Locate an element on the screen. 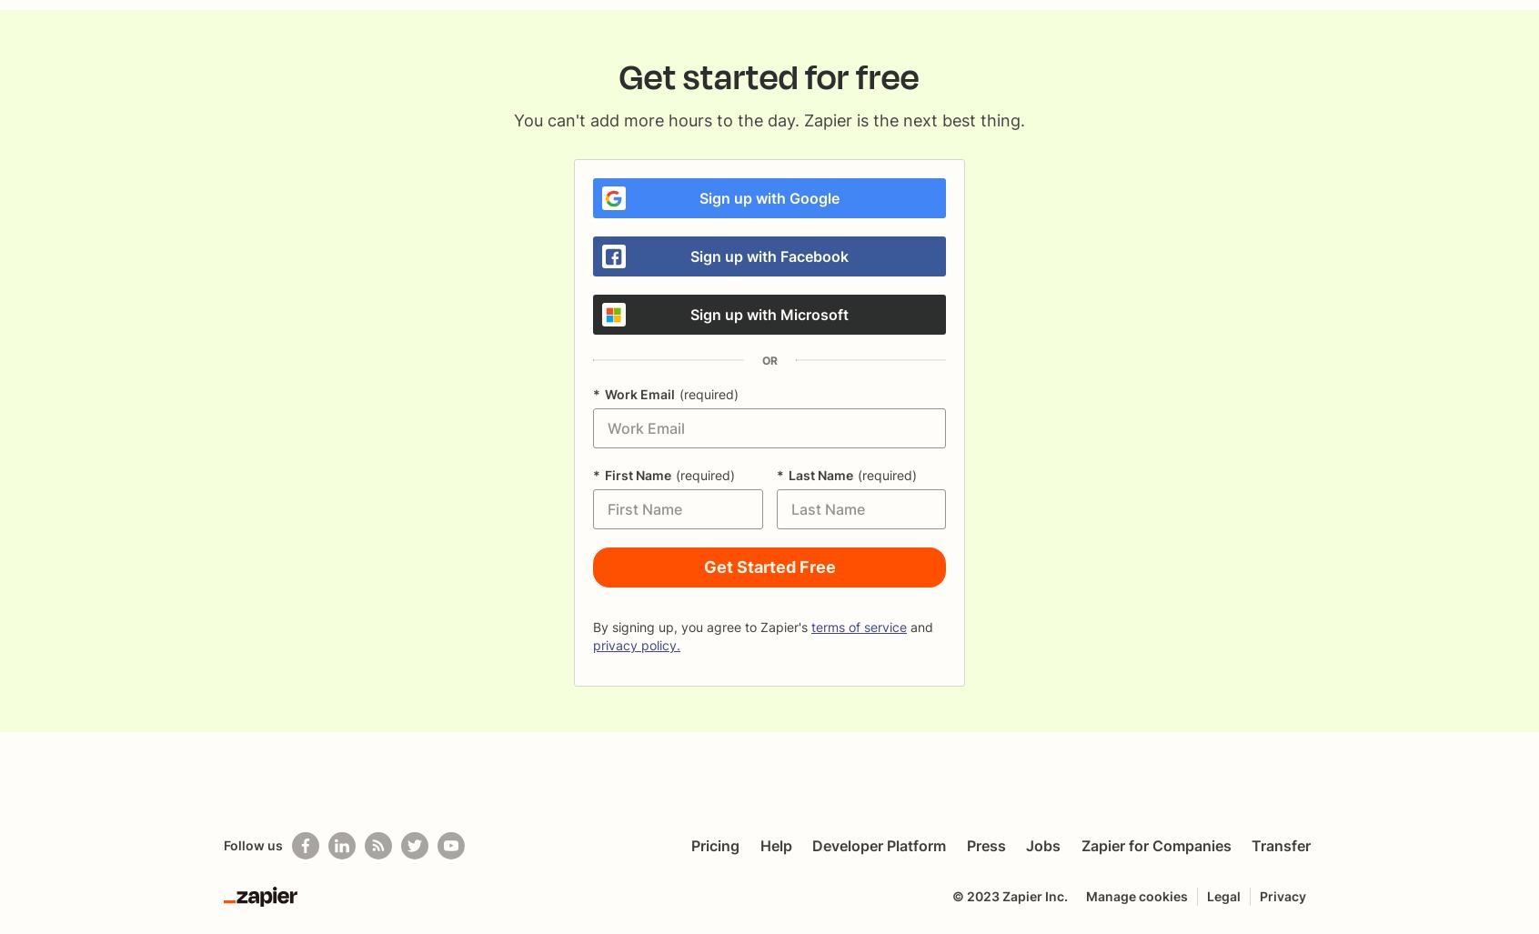 The width and height of the screenshot is (1539, 934). 'Press' is located at coordinates (966, 846).